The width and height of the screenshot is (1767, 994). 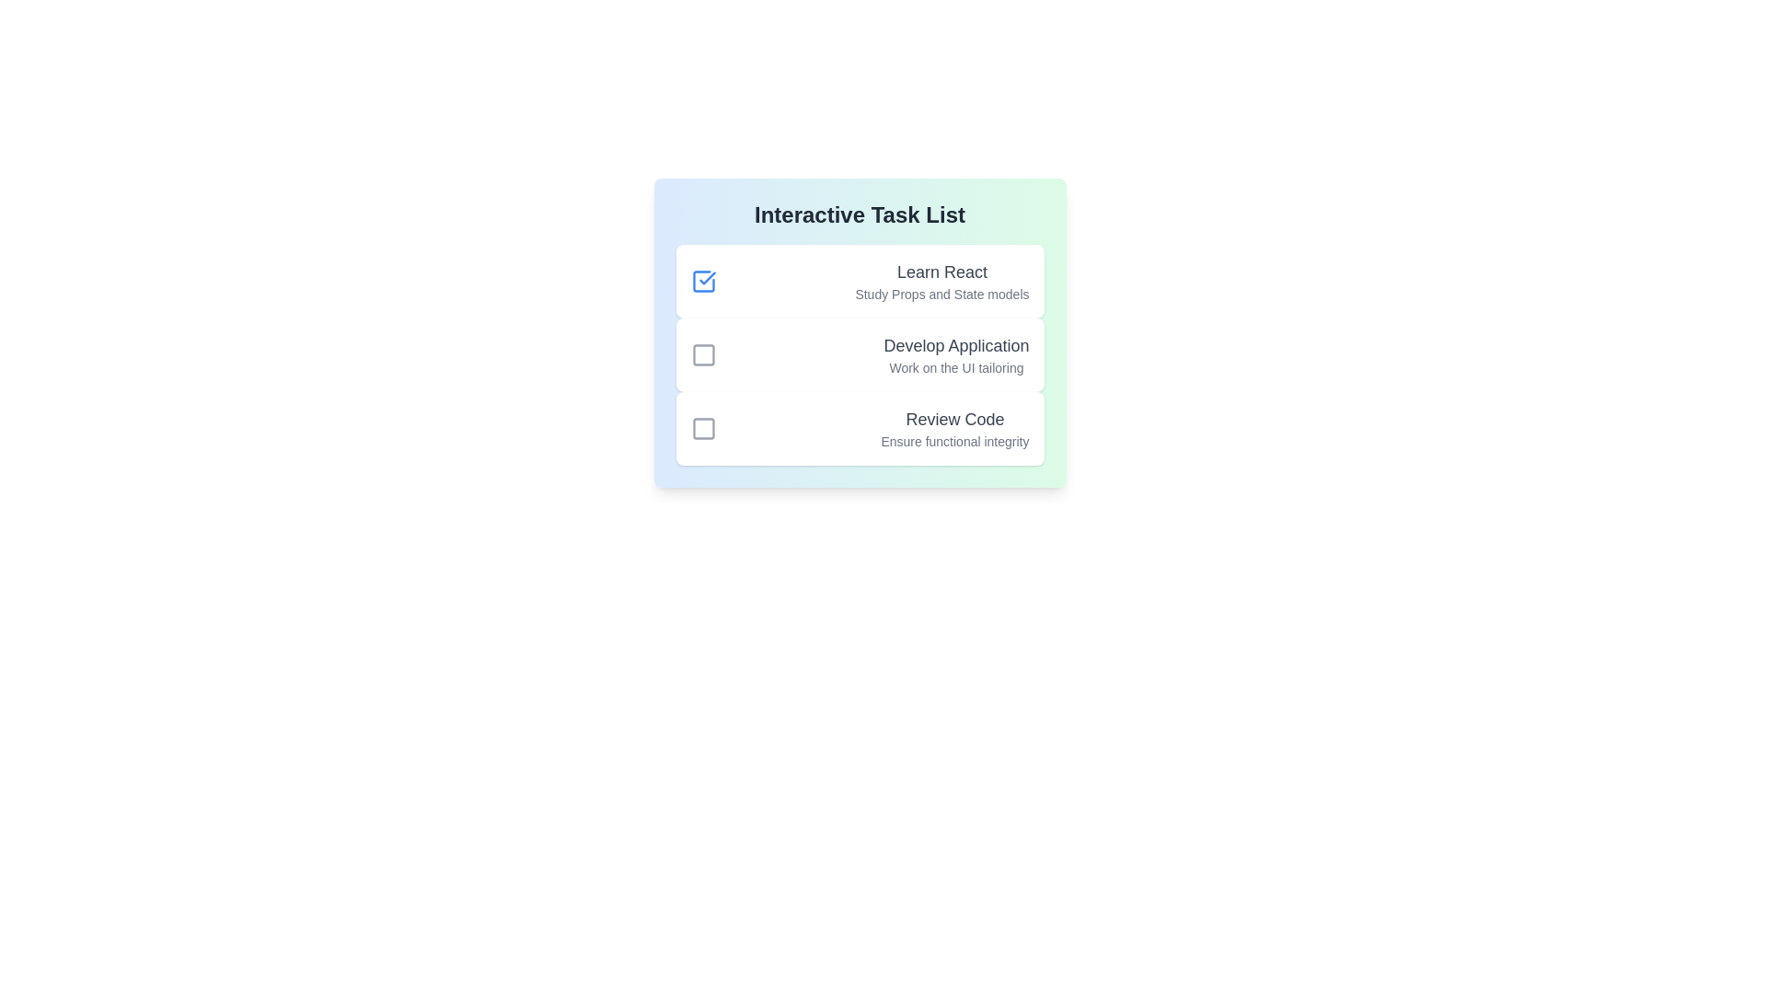 What do you see at coordinates (859, 333) in the screenshot?
I see `the center of the Interactive Task List component to access the context menu` at bounding box center [859, 333].